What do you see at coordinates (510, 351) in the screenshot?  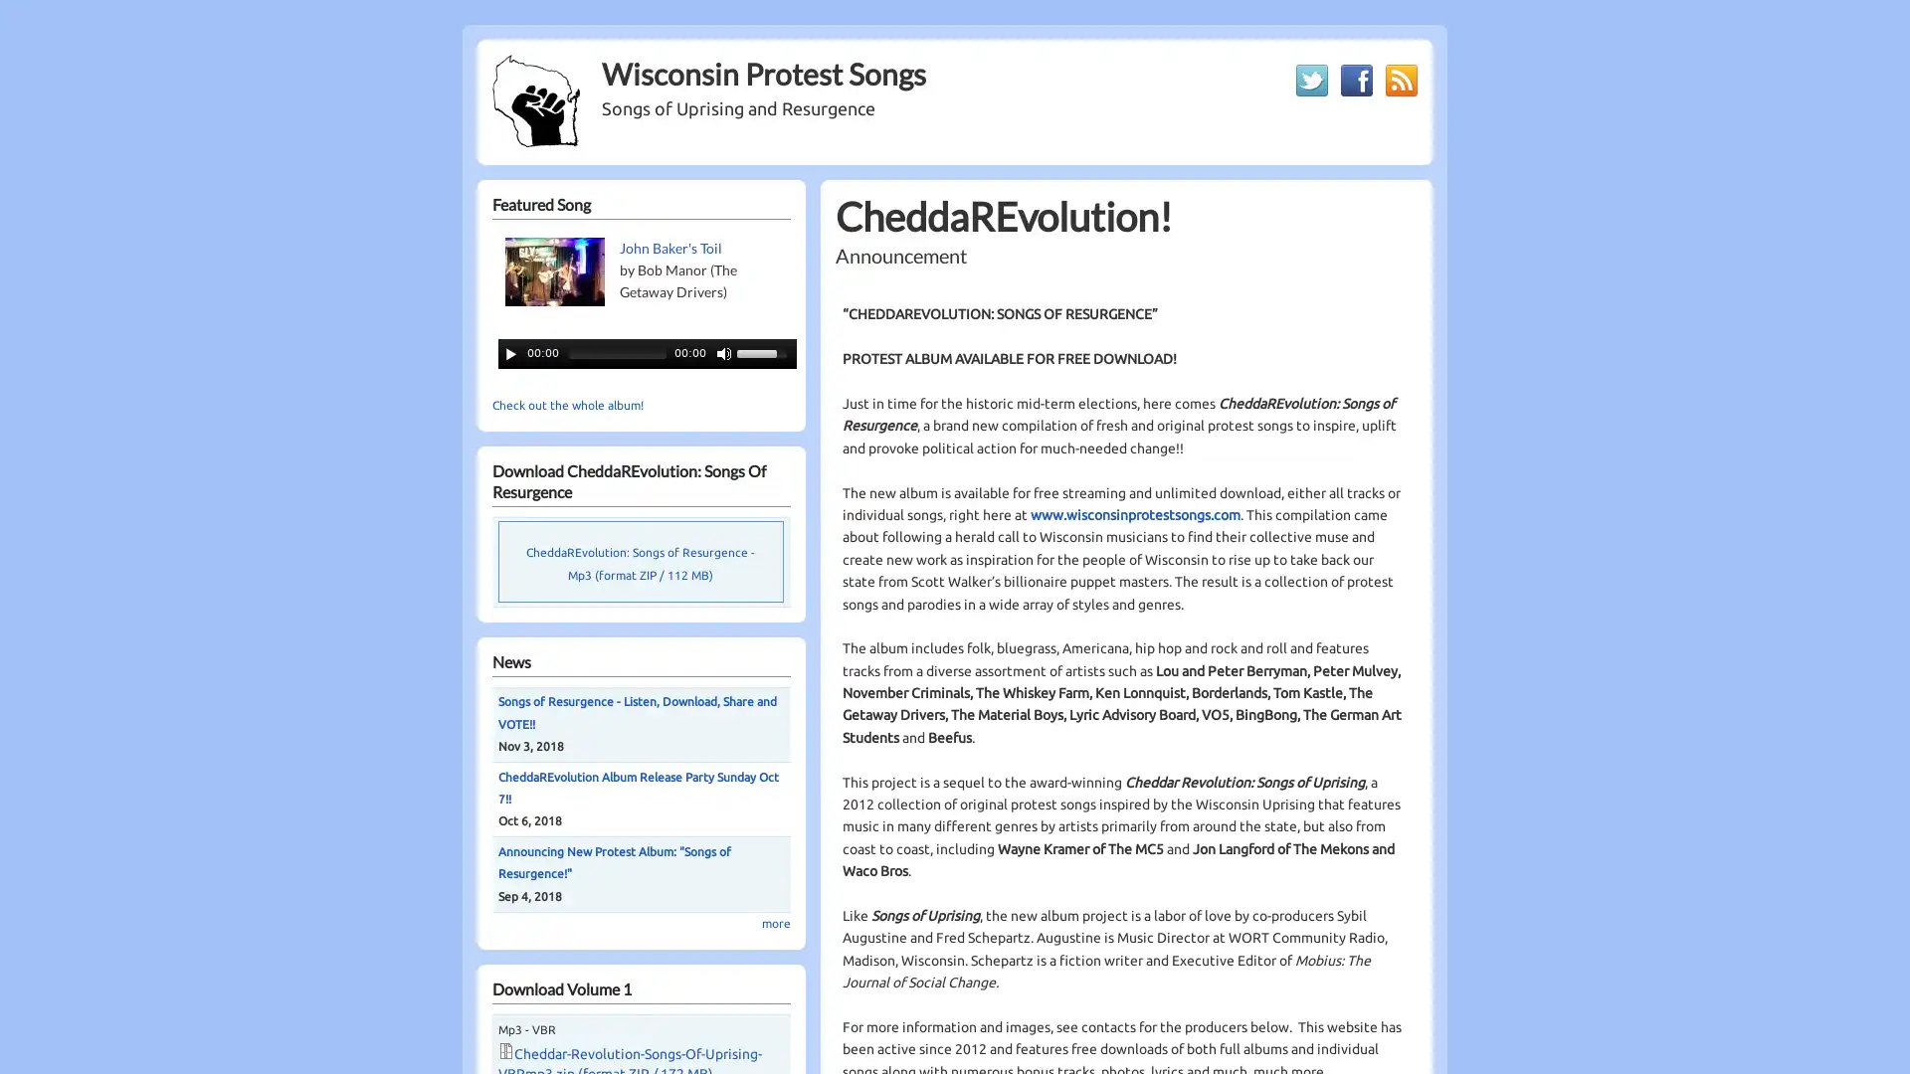 I see `Play/Pause` at bounding box center [510, 351].